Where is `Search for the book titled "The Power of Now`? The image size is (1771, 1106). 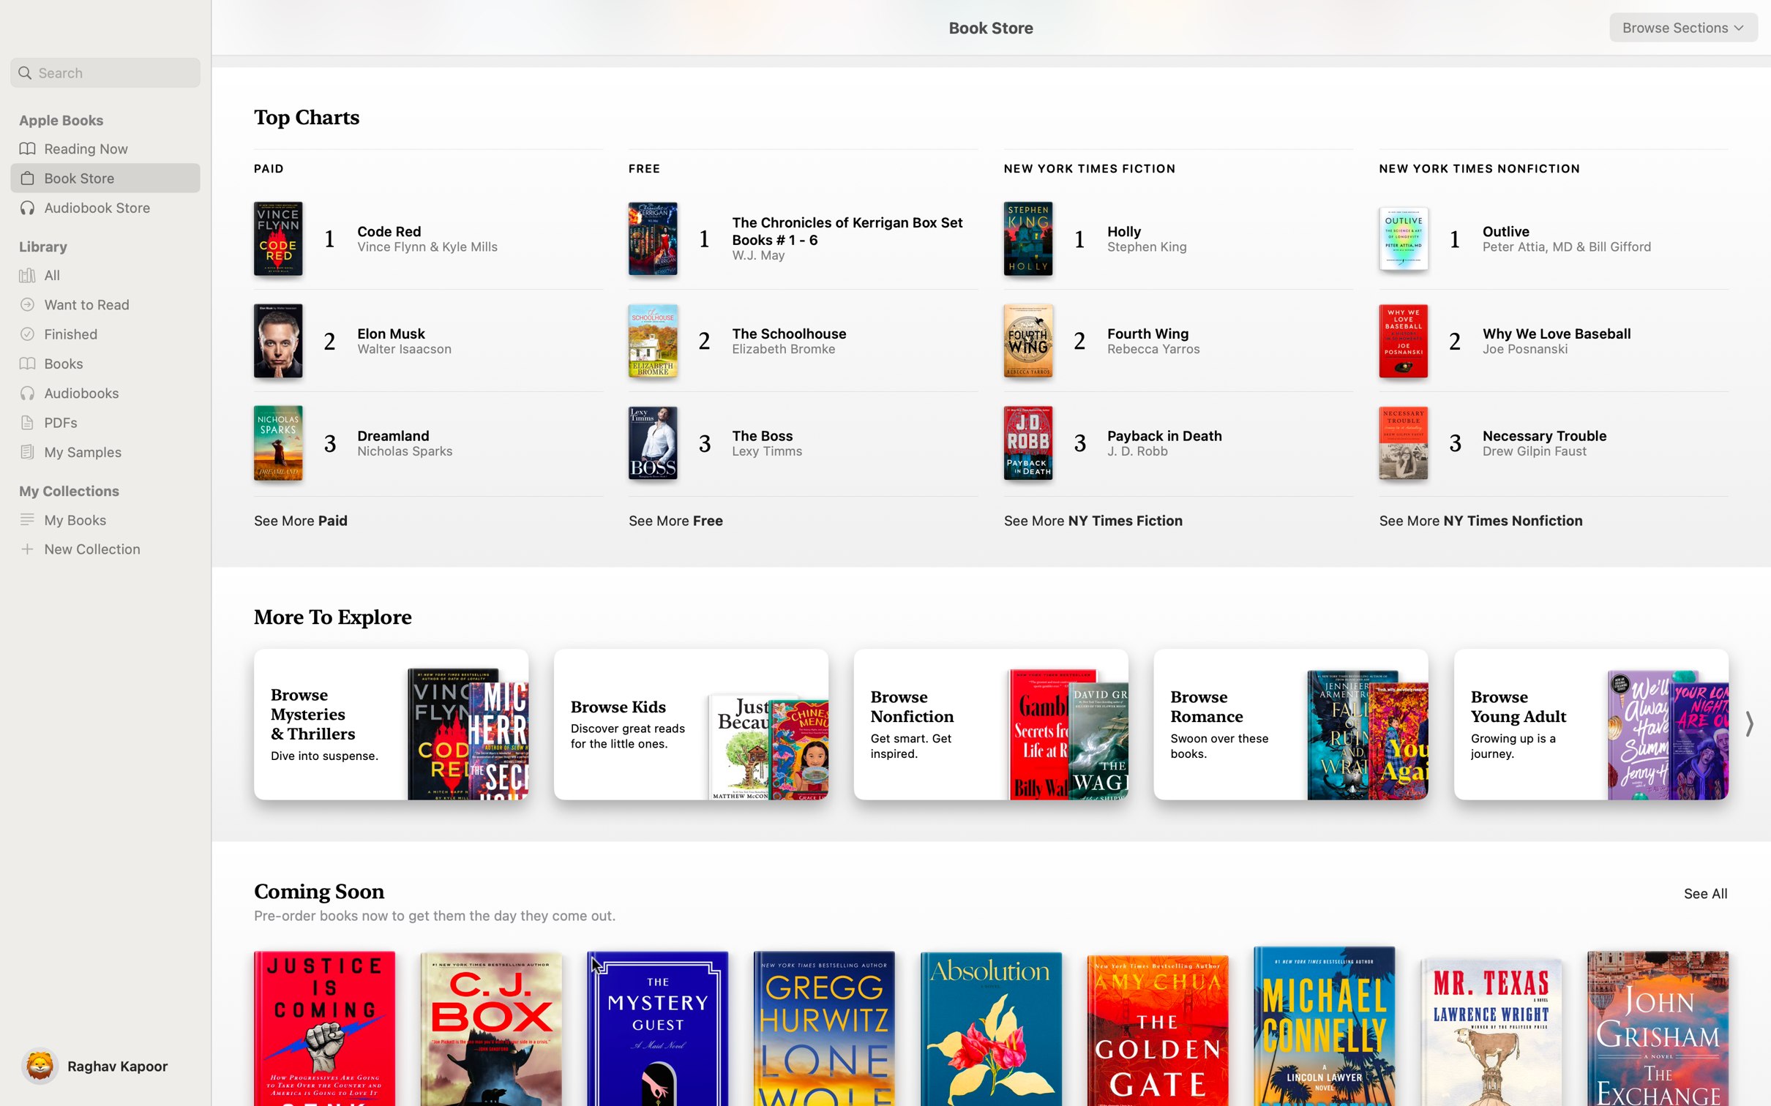
Search for the book titled "The Power of Now is located at coordinates (105, 72).